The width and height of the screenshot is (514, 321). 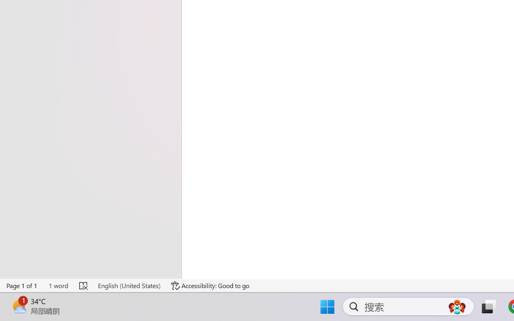 What do you see at coordinates (84, 285) in the screenshot?
I see `'Spelling and Grammar Check Errors'` at bounding box center [84, 285].